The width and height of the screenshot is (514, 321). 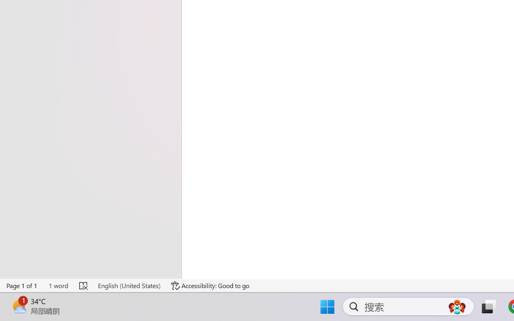 What do you see at coordinates (84, 285) in the screenshot?
I see `'Spelling and Grammar Check Errors'` at bounding box center [84, 285].